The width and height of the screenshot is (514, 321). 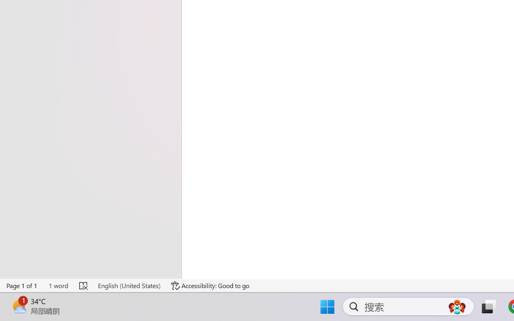 What do you see at coordinates (84, 285) in the screenshot?
I see `'Spelling and Grammar Check Errors'` at bounding box center [84, 285].